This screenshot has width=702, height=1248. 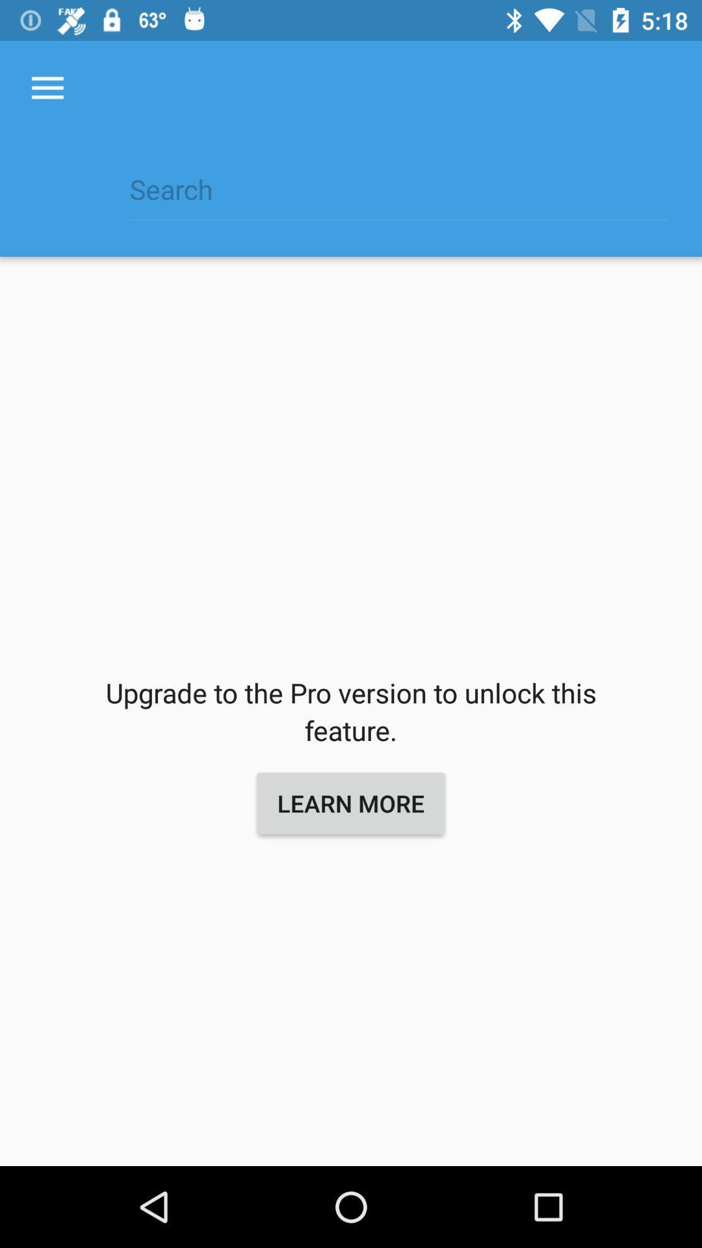 I want to click on icon above the upgrade to the, so click(x=47, y=88).